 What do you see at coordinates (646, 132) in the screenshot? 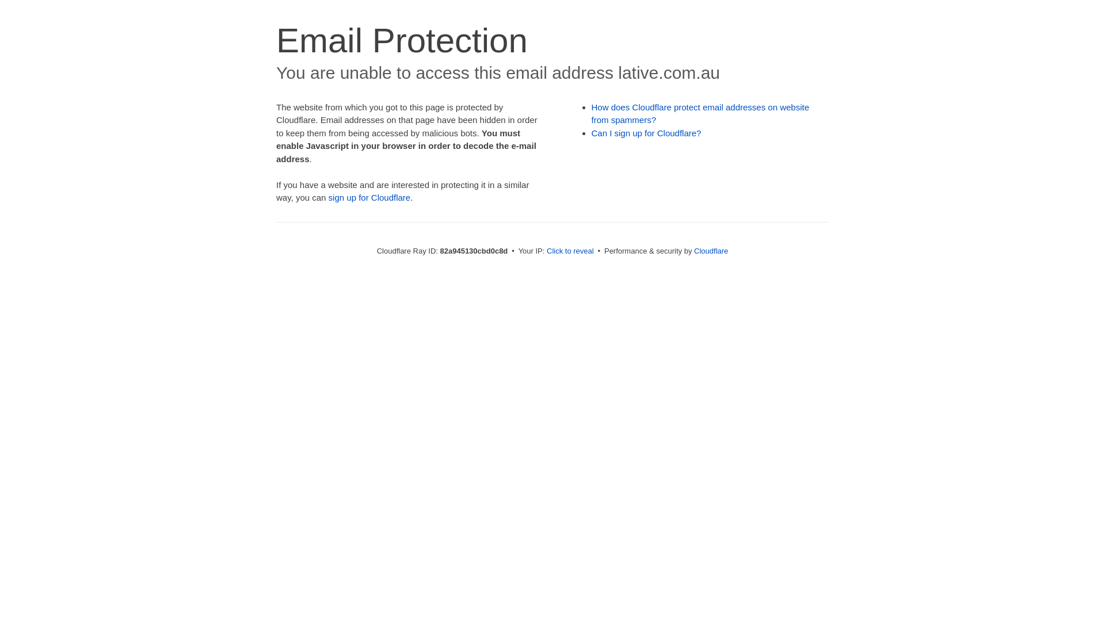
I see `'Can I sign up for Cloudflare?'` at bounding box center [646, 132].